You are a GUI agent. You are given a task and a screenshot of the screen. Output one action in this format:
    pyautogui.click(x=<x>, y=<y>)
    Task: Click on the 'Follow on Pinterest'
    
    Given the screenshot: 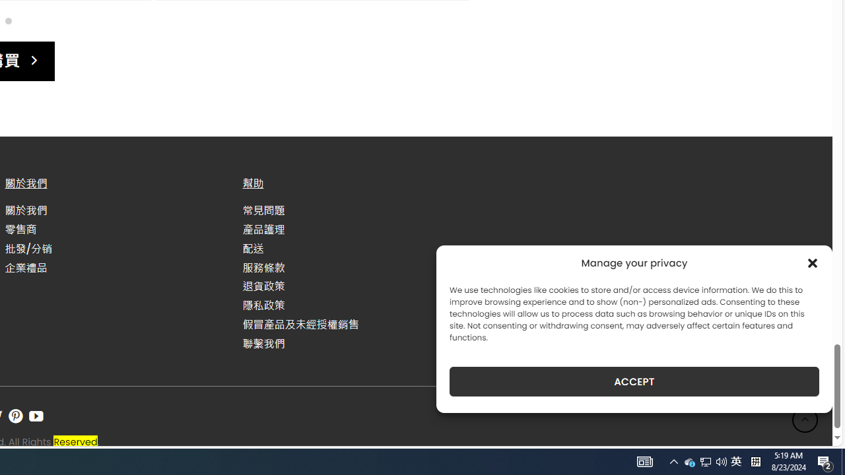 What is the action you would take?
    pyautogui.click(x=15, y=416)
    